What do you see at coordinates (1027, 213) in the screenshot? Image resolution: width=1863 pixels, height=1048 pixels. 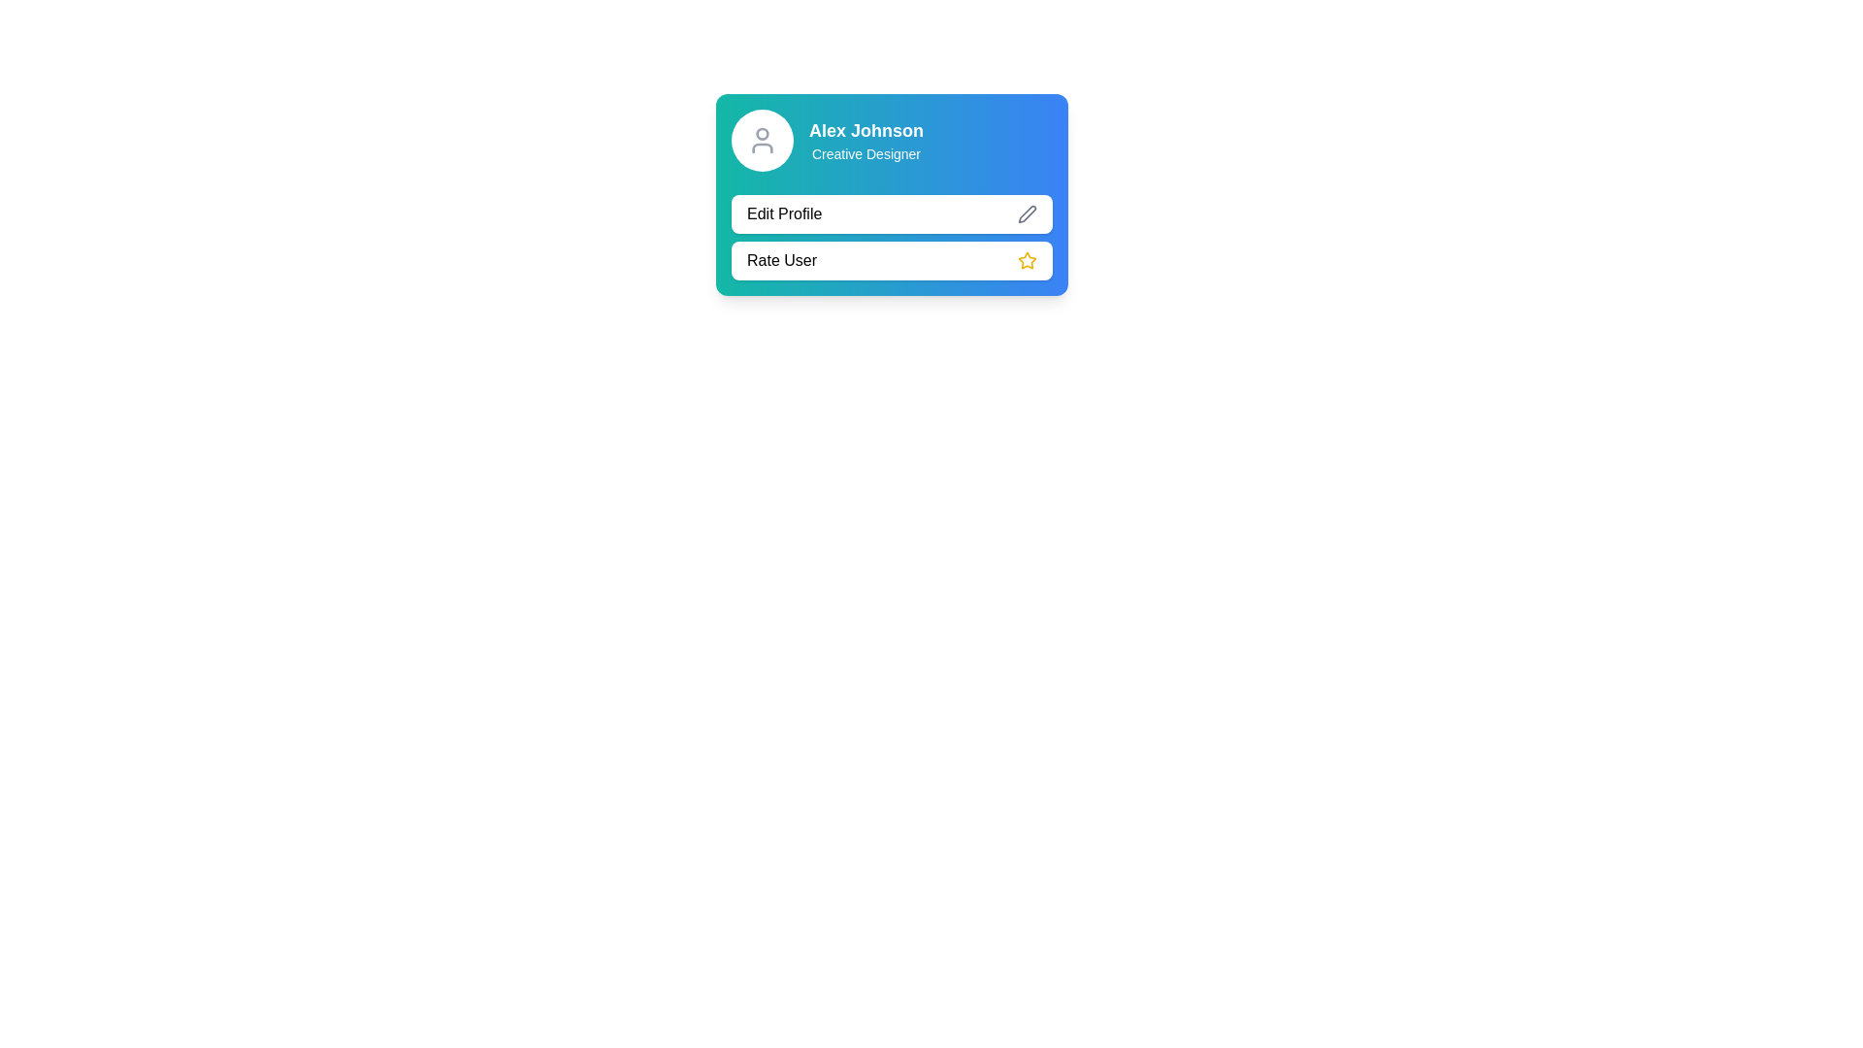 I see `the pen-shaped icon located at the far-right end of the 'Edit Profile' button, adjacent to the text 'Edit Profile'` at bounding box center [1027, 213].